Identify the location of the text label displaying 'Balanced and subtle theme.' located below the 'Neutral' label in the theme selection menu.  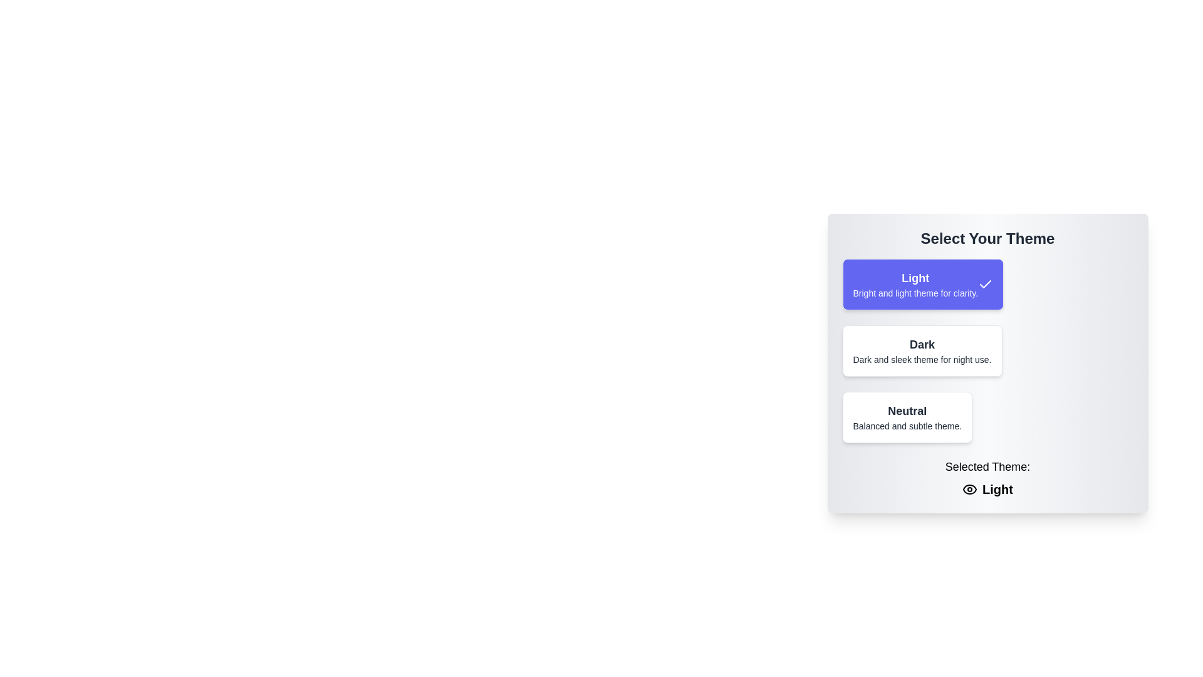
(907, 425).